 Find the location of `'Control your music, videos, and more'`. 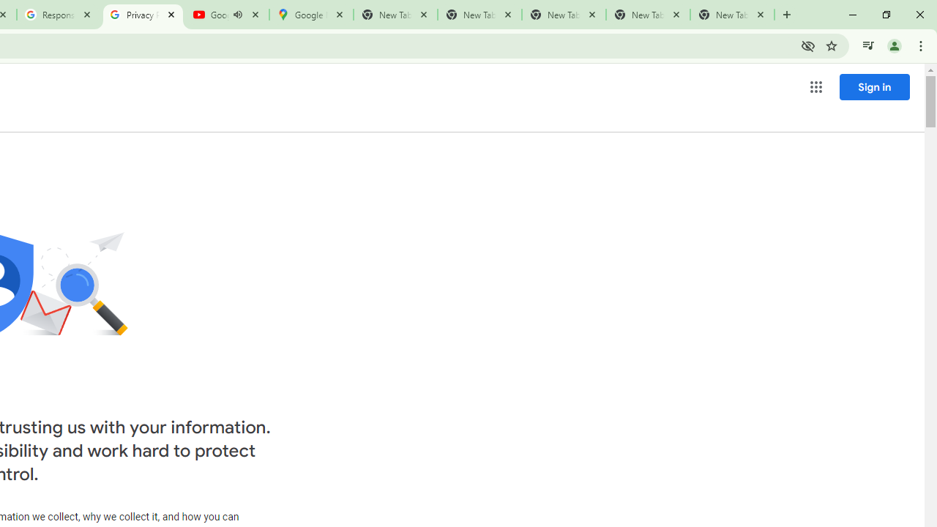

'Control your music, videos, and more' is located at coordinates (867, 45).